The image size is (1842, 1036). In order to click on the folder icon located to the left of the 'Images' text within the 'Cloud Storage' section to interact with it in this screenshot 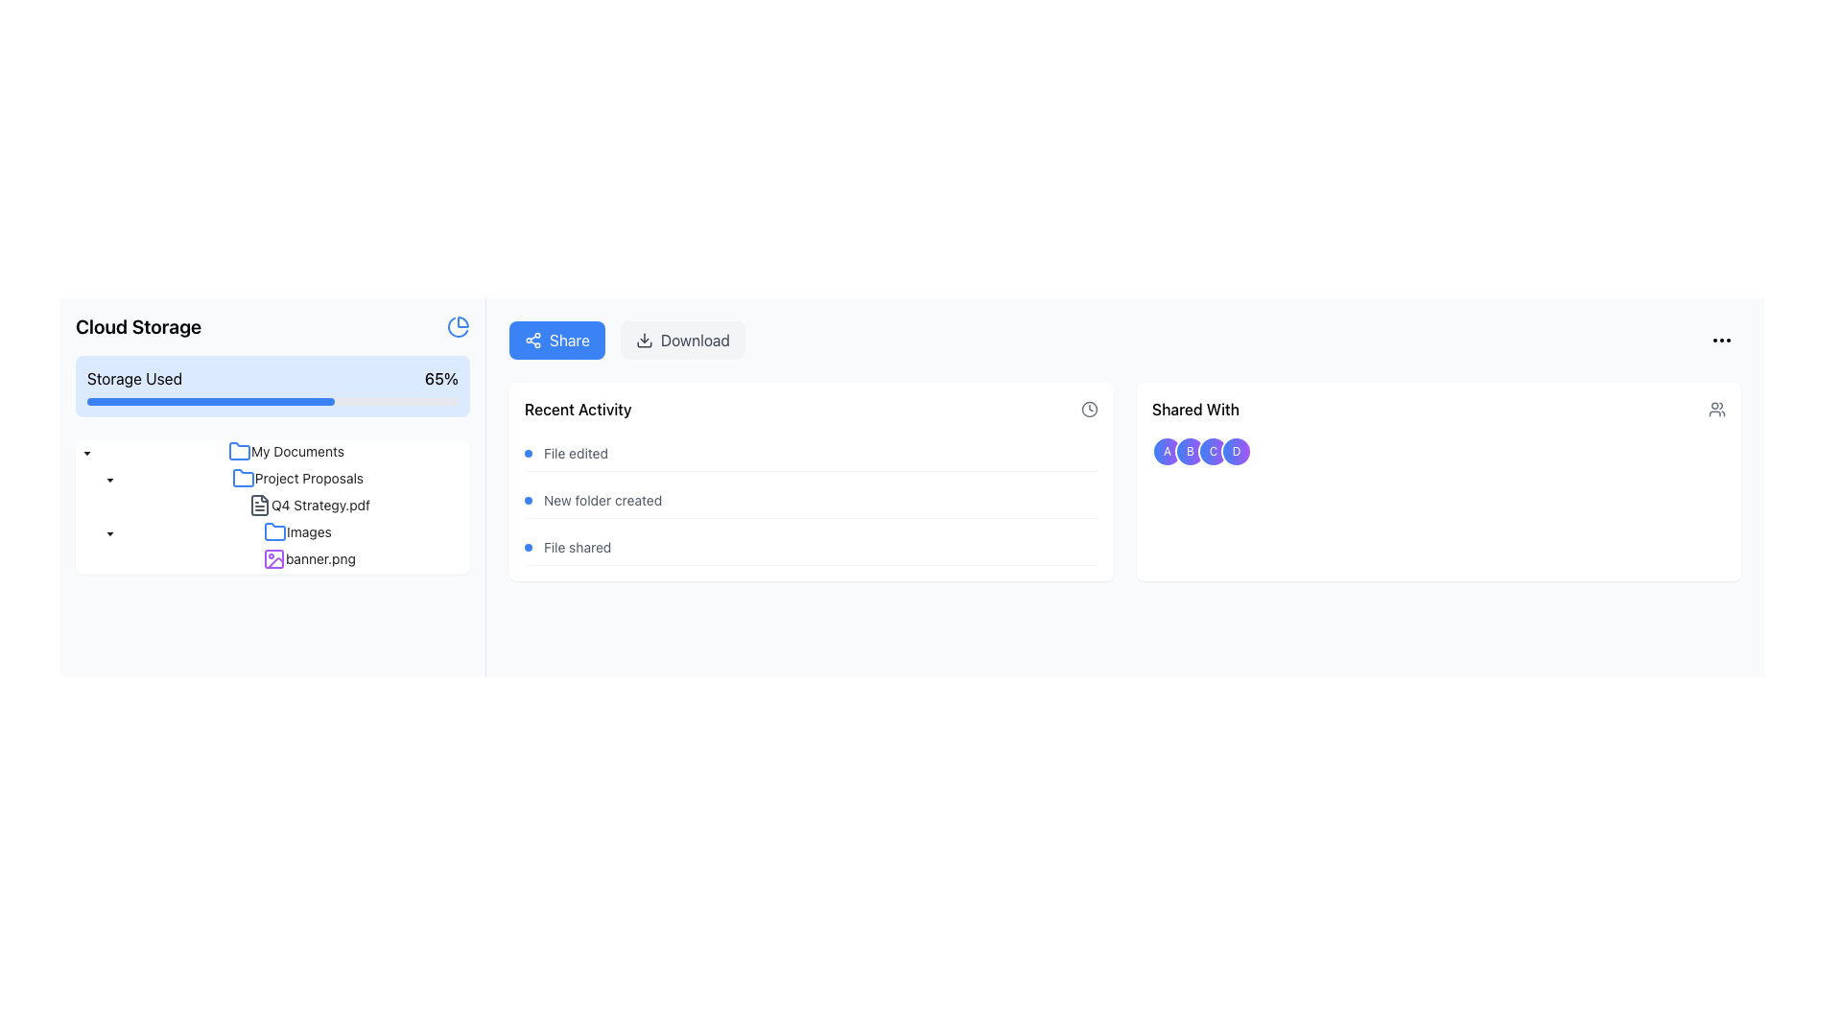, I will do `click(274, 532)`.